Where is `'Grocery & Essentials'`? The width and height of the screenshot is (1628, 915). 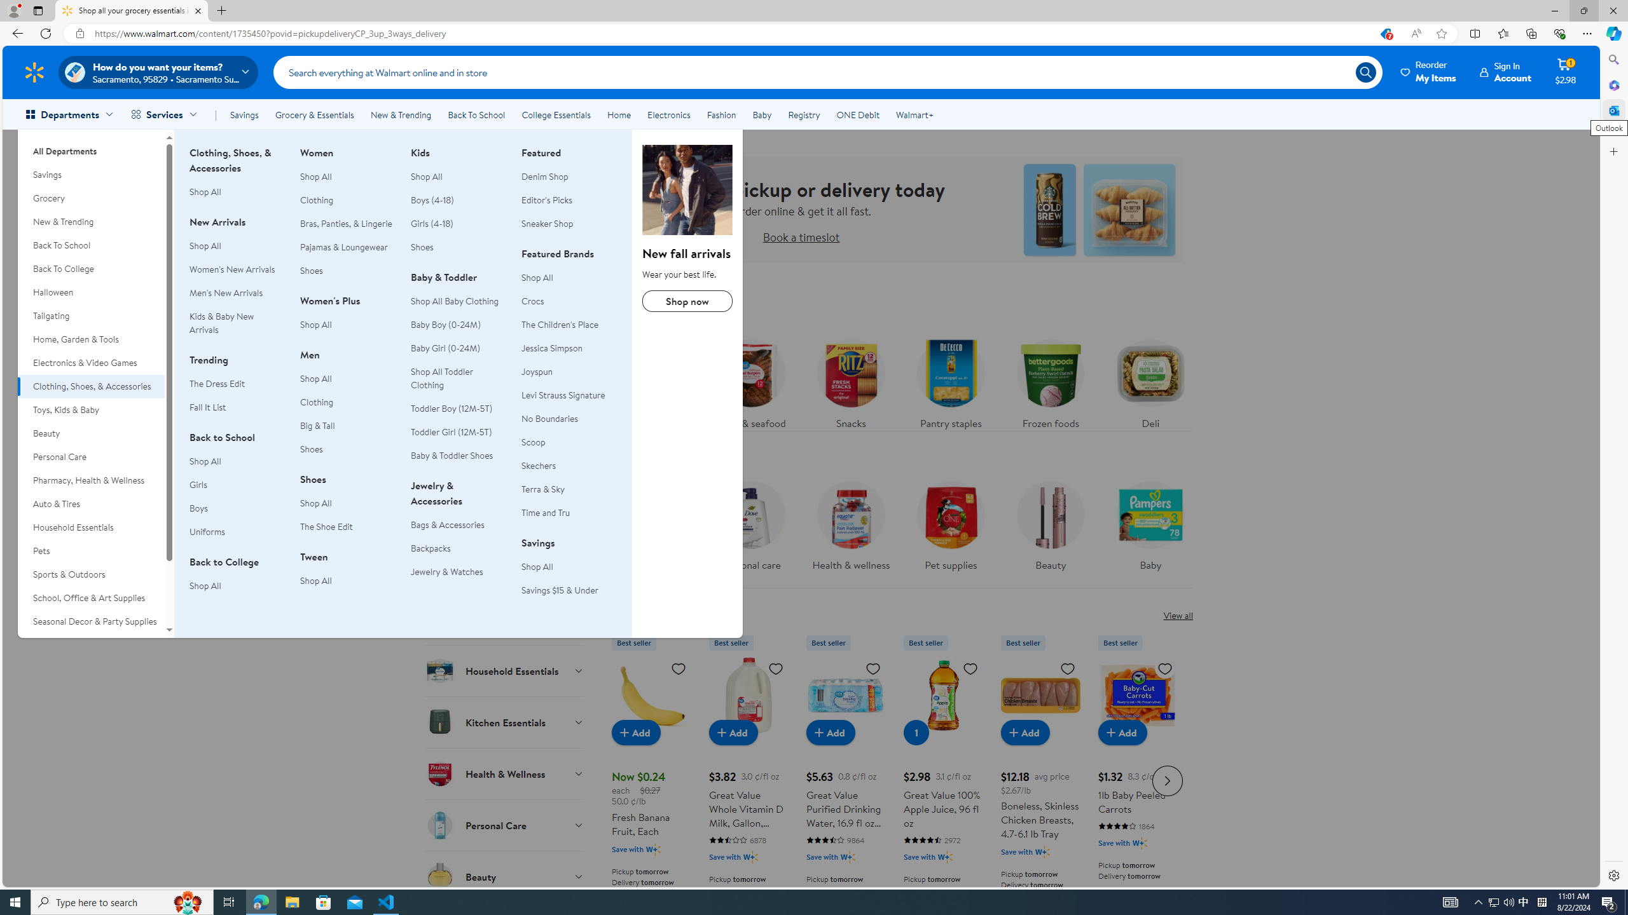 'Grocery & Essentials' is located at coordinates (314, 114).